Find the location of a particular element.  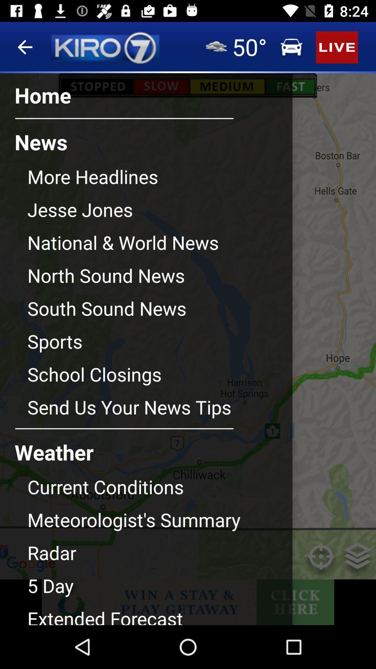

the layers icon is located at coordinates (358, 561).